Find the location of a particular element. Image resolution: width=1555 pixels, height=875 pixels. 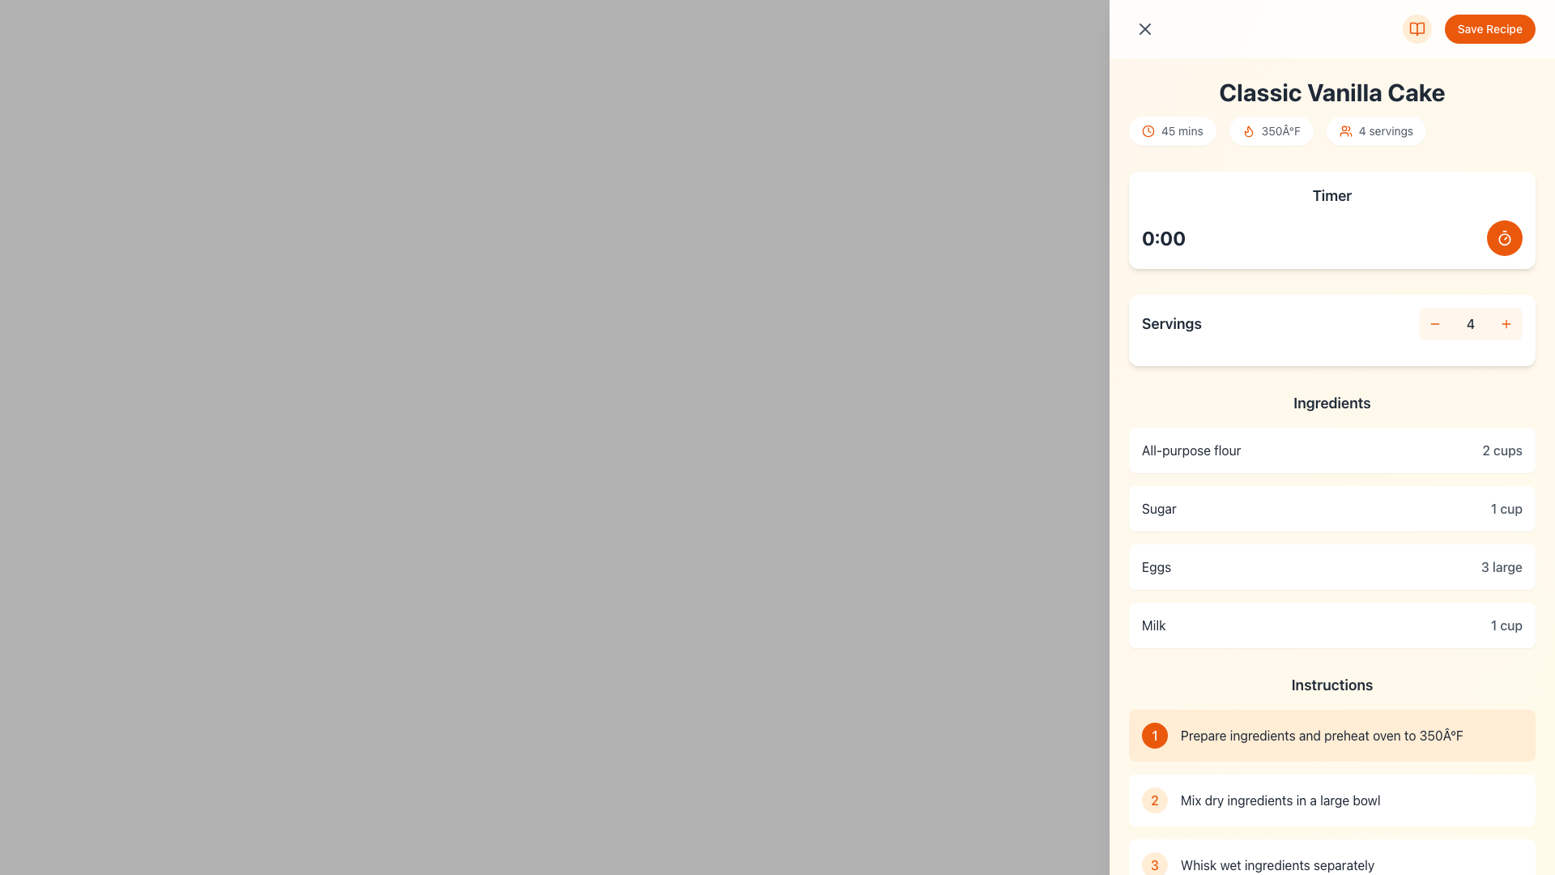

instruction text from the first item in the 'Instructions' list, which contains the number '1' and the text 'Prepare ingredients and preheat oven to 350°F.' is located at coordinates (1332, 735).